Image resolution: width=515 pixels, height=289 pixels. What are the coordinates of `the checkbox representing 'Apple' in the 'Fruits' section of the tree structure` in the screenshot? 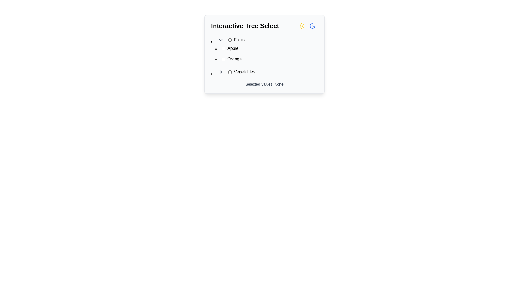 It's located at (264, 48).